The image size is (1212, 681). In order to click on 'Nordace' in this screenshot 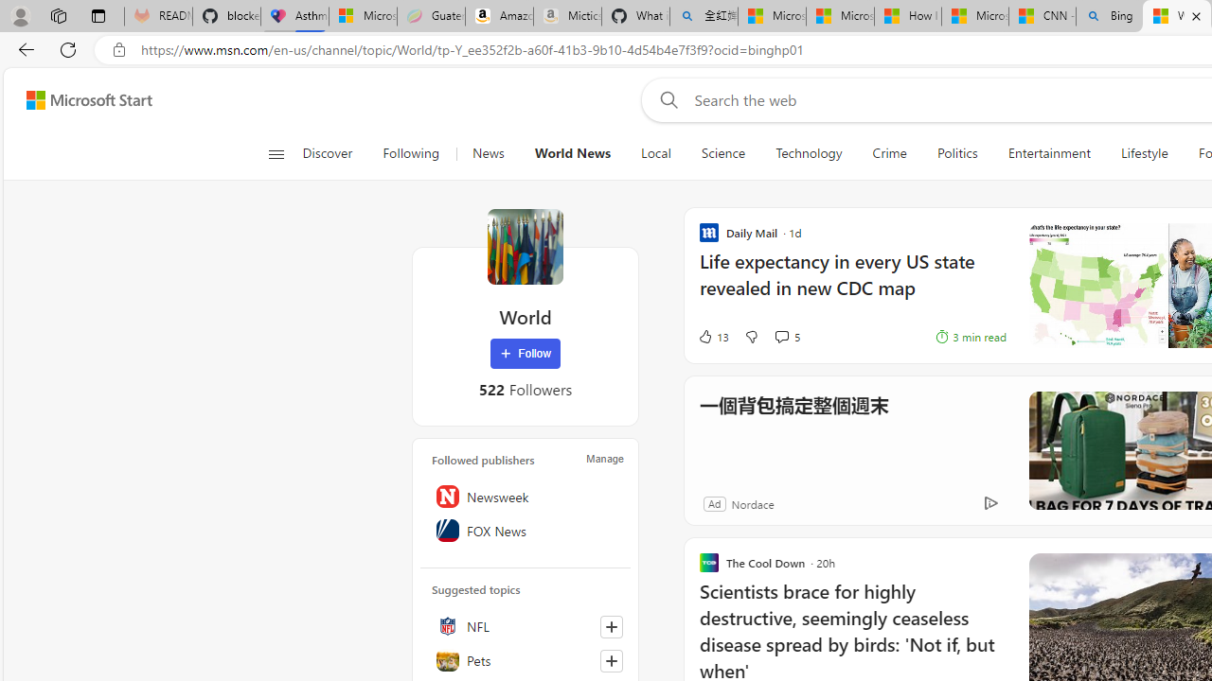, I will do `click(751, 502)`.